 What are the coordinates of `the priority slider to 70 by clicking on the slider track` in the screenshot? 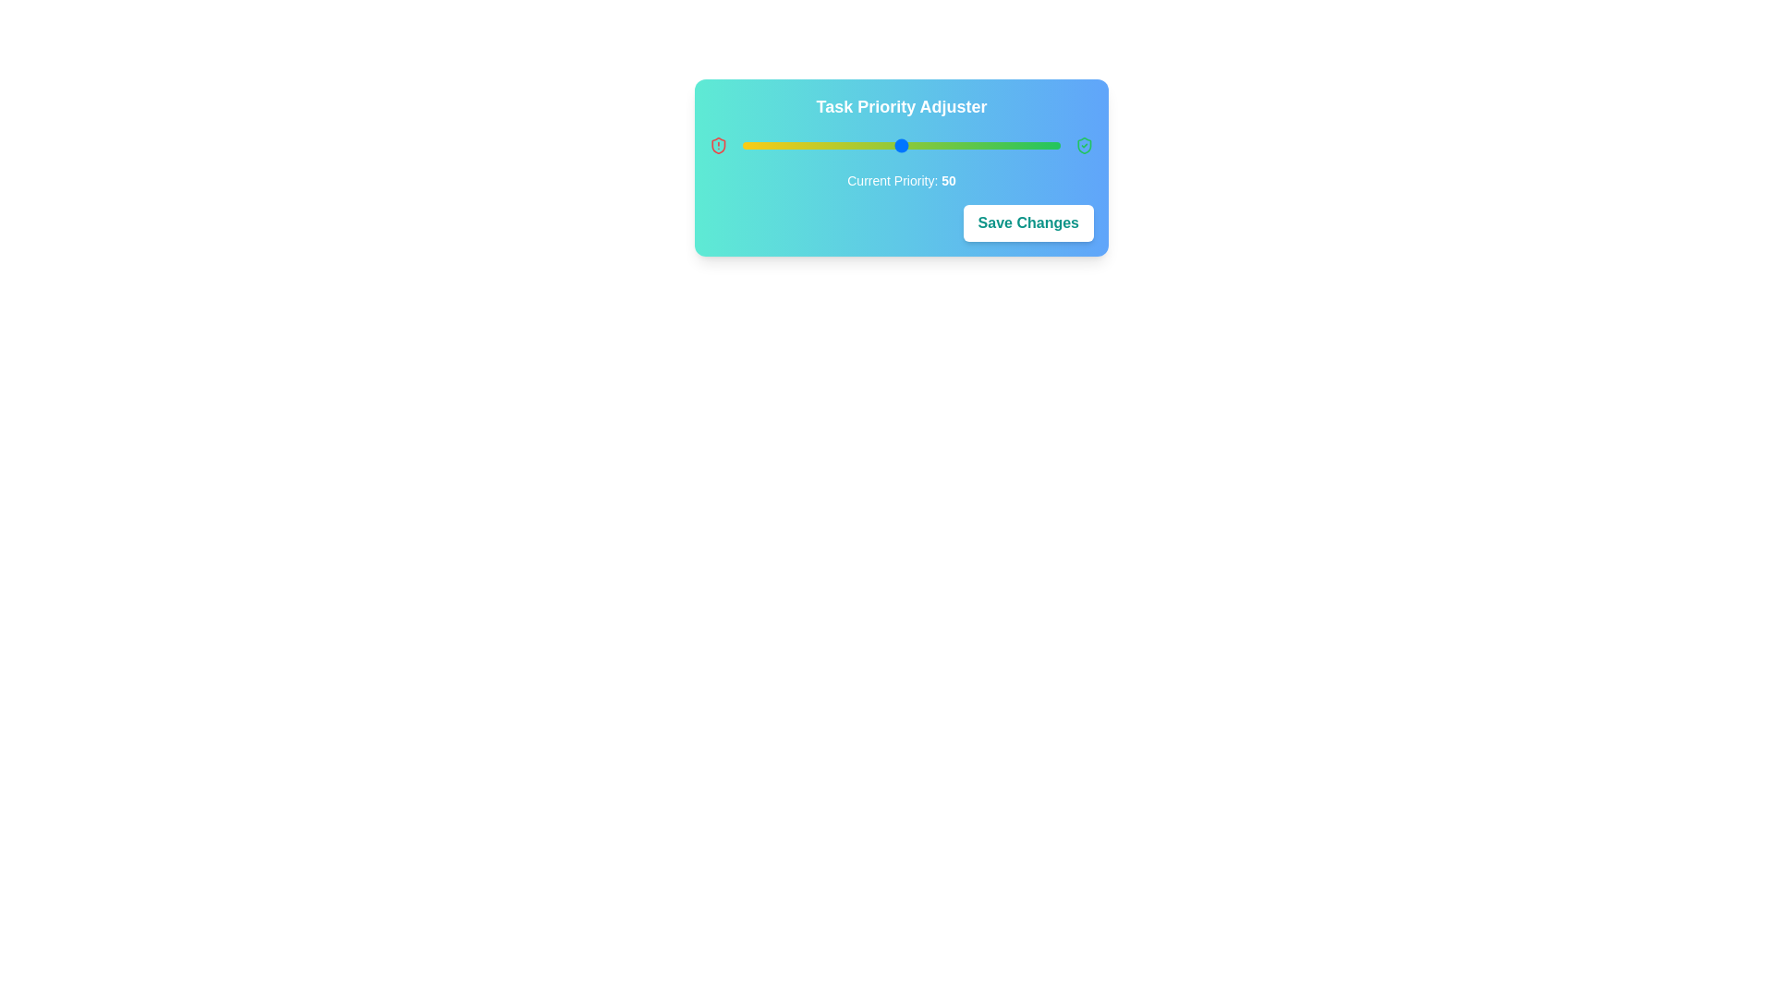 It's located at (964, 145).